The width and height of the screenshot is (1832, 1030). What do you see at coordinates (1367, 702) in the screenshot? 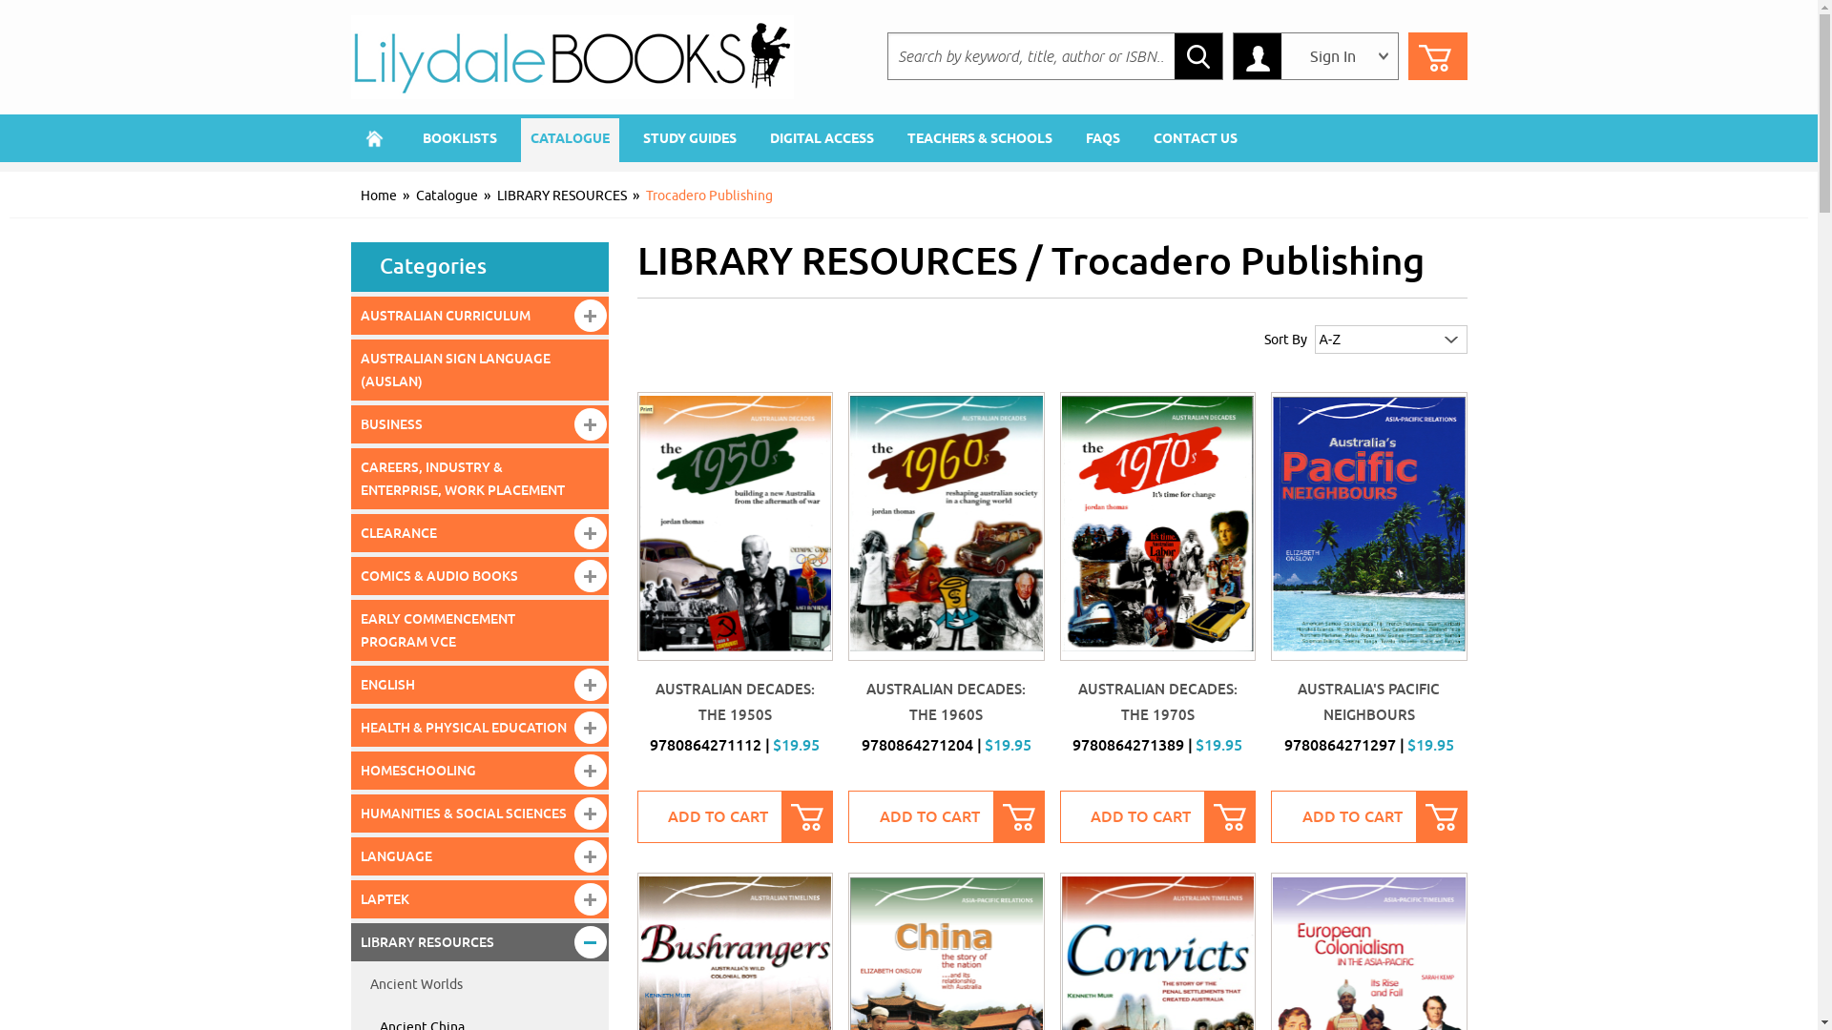
I see `'AUSTRALIA'S PACIFIC NEIGHBOURS'` at bounding box center [1367, 702].